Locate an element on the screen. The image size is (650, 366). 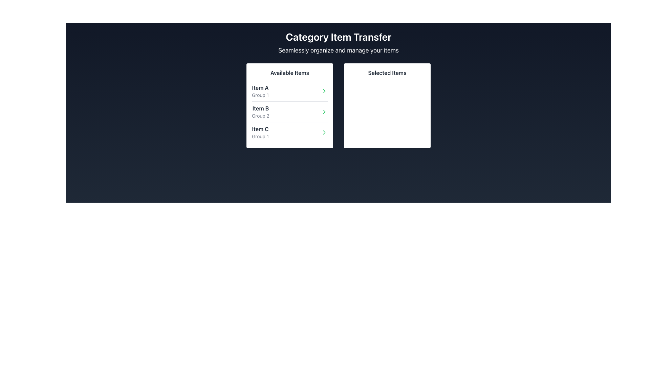
the Text Label that indicates items chosen by the user, located at the top of a white rectangular box on the right side of the layout is located at coordinates (387, 73).